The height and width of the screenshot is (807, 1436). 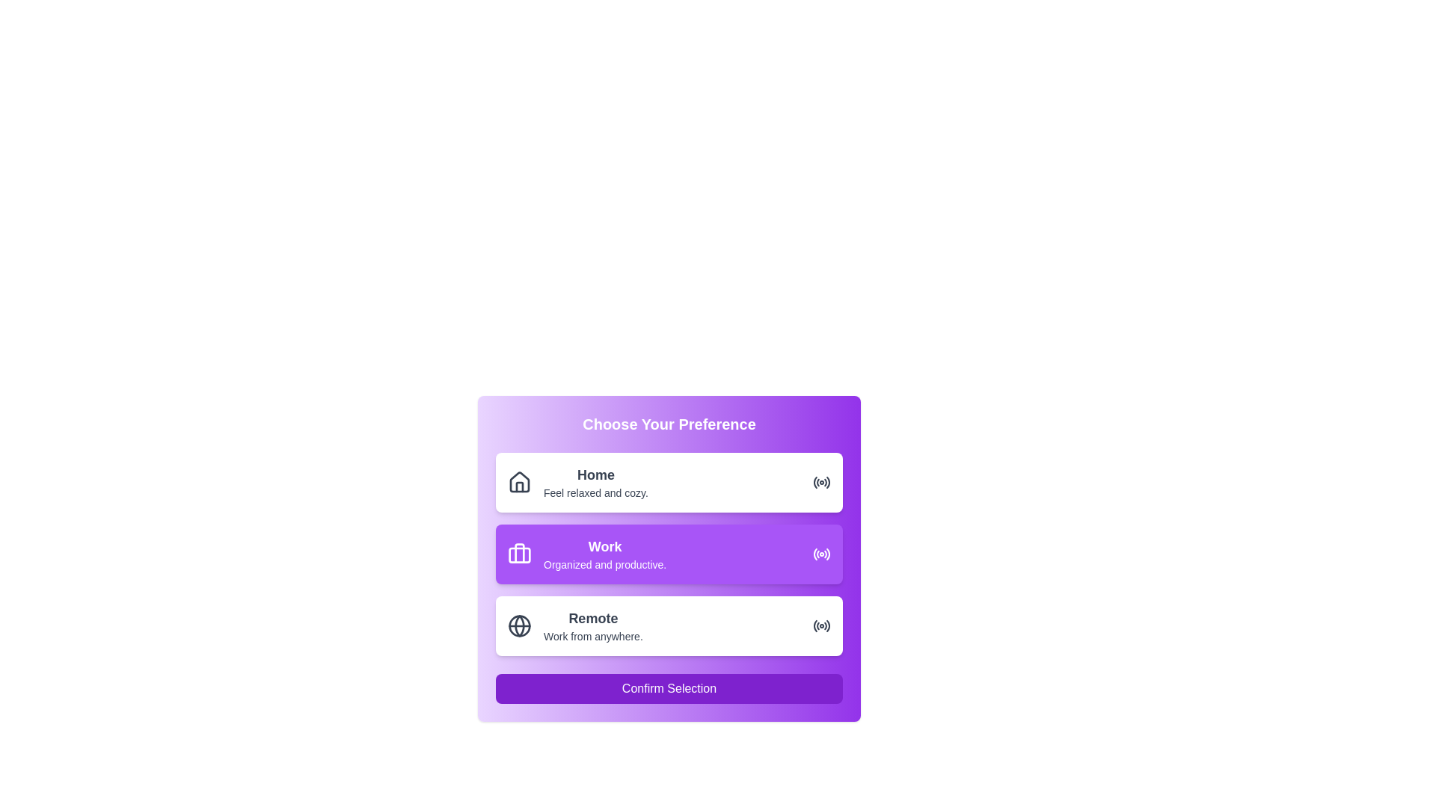 What do you see at coordinates (605, 547) in the screenshot?
I see `the 'Work' text label` at bounding box center [605, 547].